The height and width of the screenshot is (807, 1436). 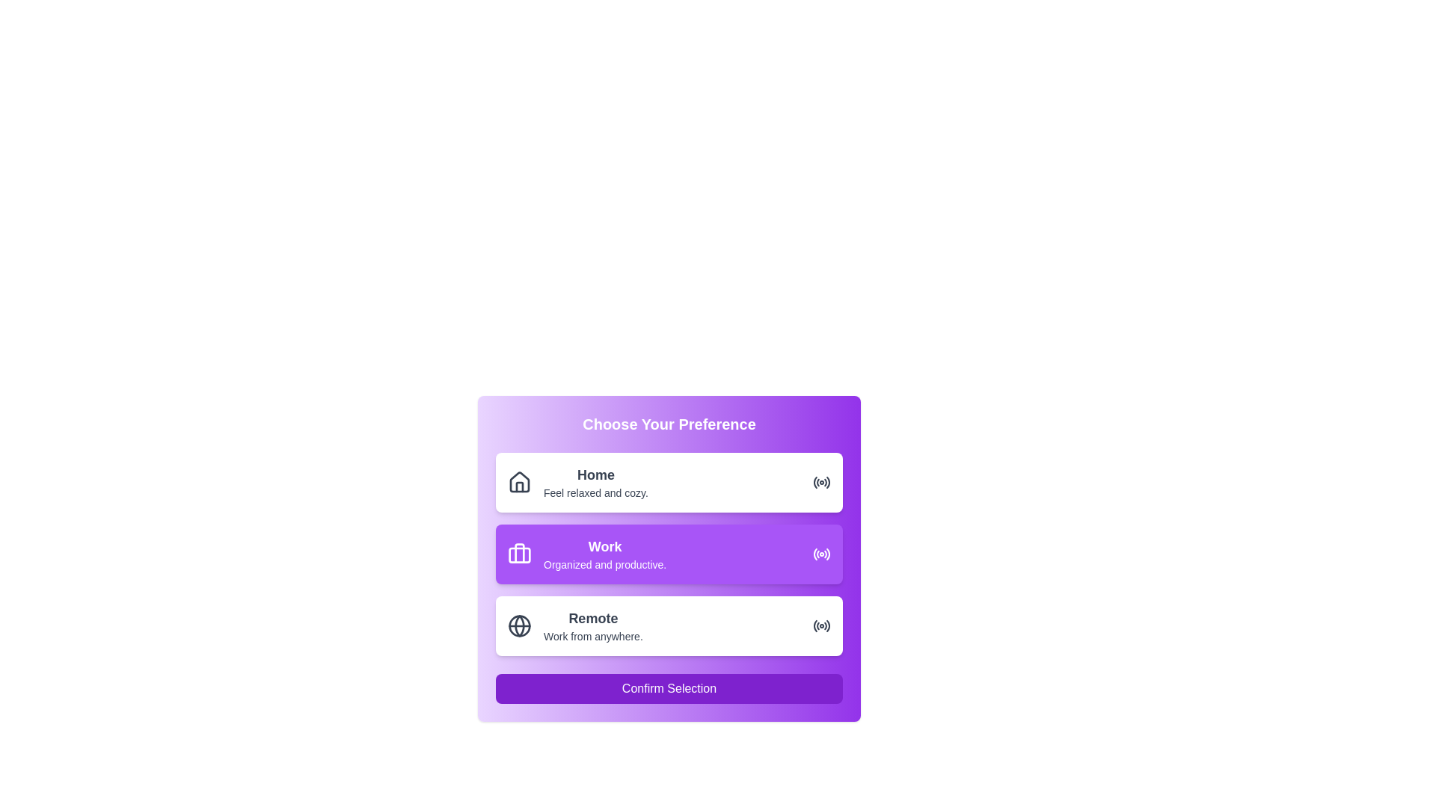 What do you see at coordinates (605, 547) in the screenshot?
I see `the 'Work' text label` at bounding box center [605, 547].